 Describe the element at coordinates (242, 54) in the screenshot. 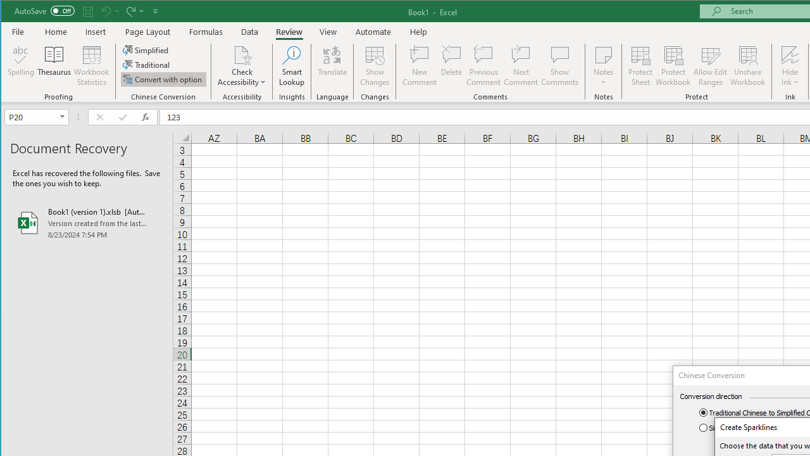

I see `'Check Accessibility'` at that location.